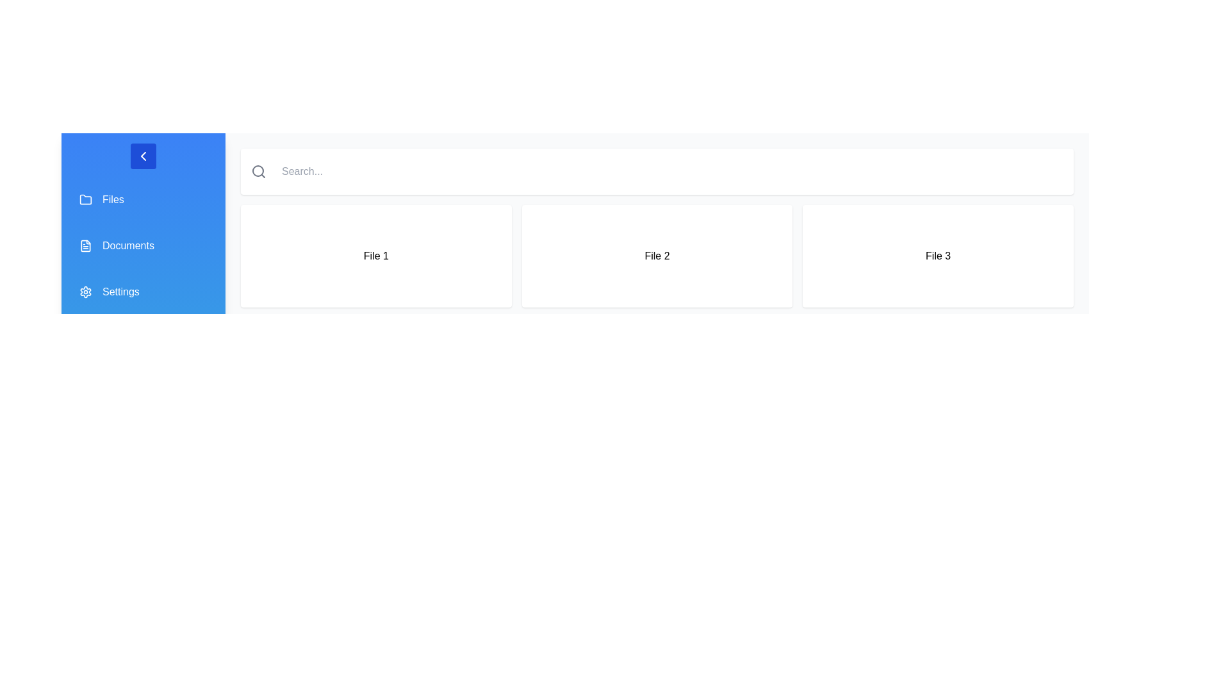 This screenshot has height=692, width=1230. Describe the element at coordinates (143, 246) in the screenshot. I see `the 'Documents' label in the sidebar to navigate to the Documents section` at that location.